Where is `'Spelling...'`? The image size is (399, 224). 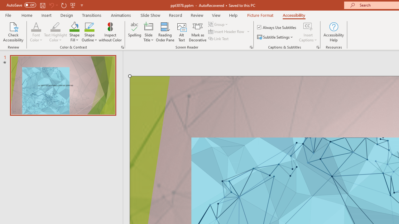 'Spelling...' is located at coordinates (134, 32).